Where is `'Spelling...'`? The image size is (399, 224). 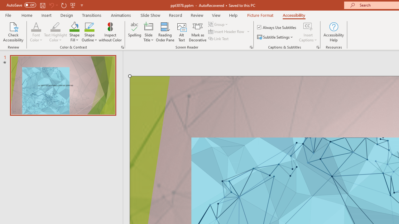 'Spelling...' is located at coordinates (134, 32).